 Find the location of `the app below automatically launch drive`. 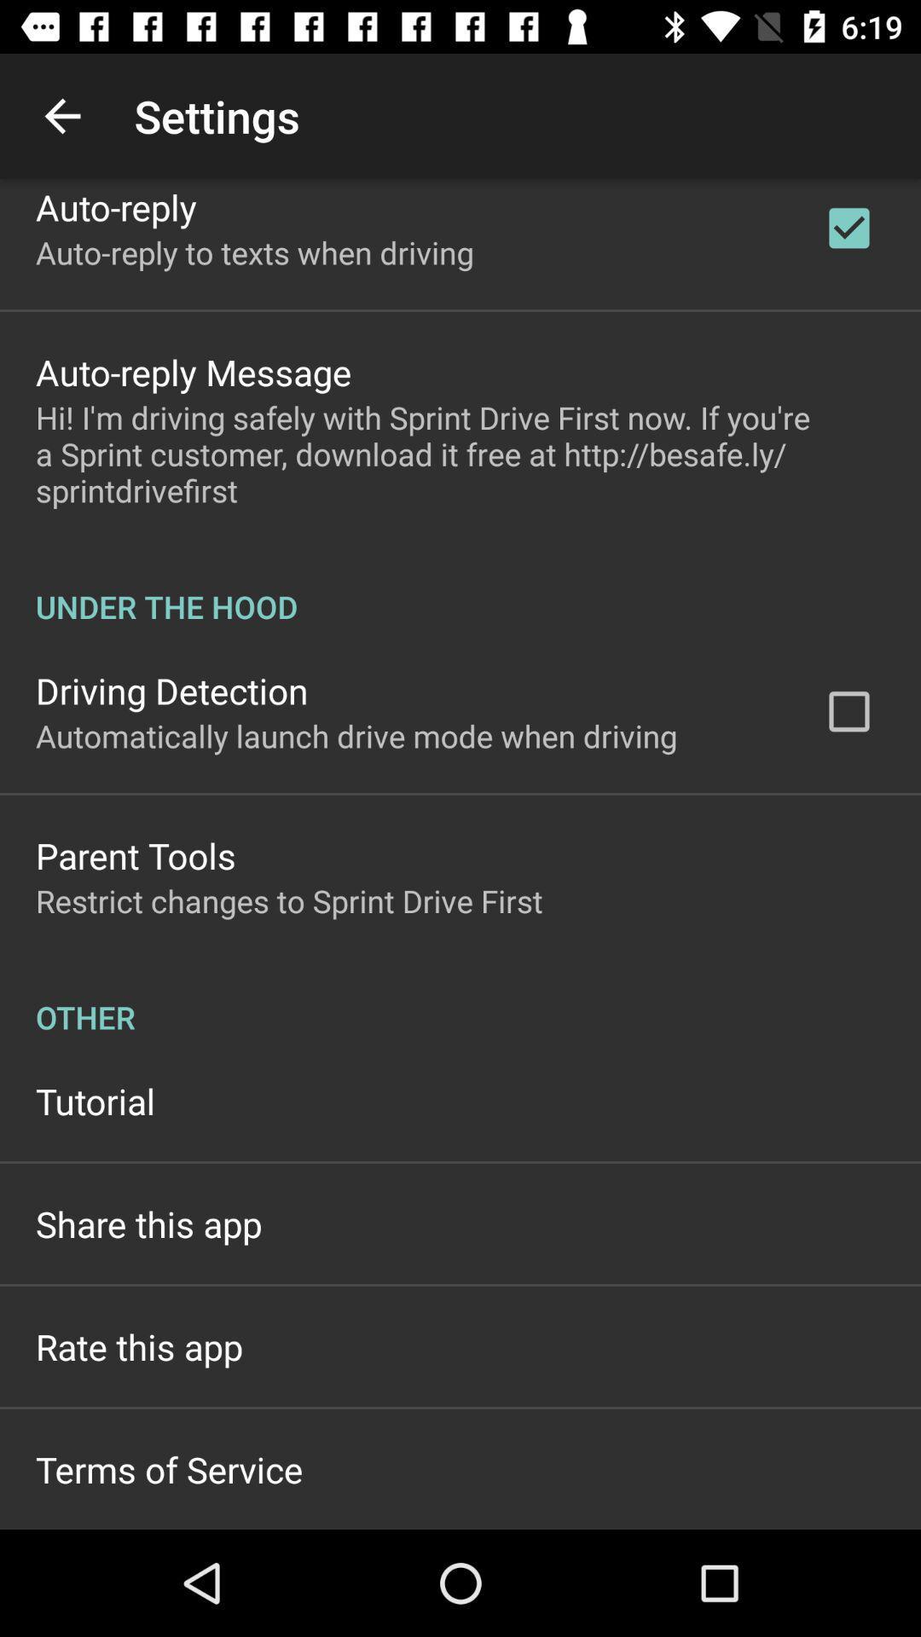

the app below automatically launch drive is located at coordinates (135, 855).